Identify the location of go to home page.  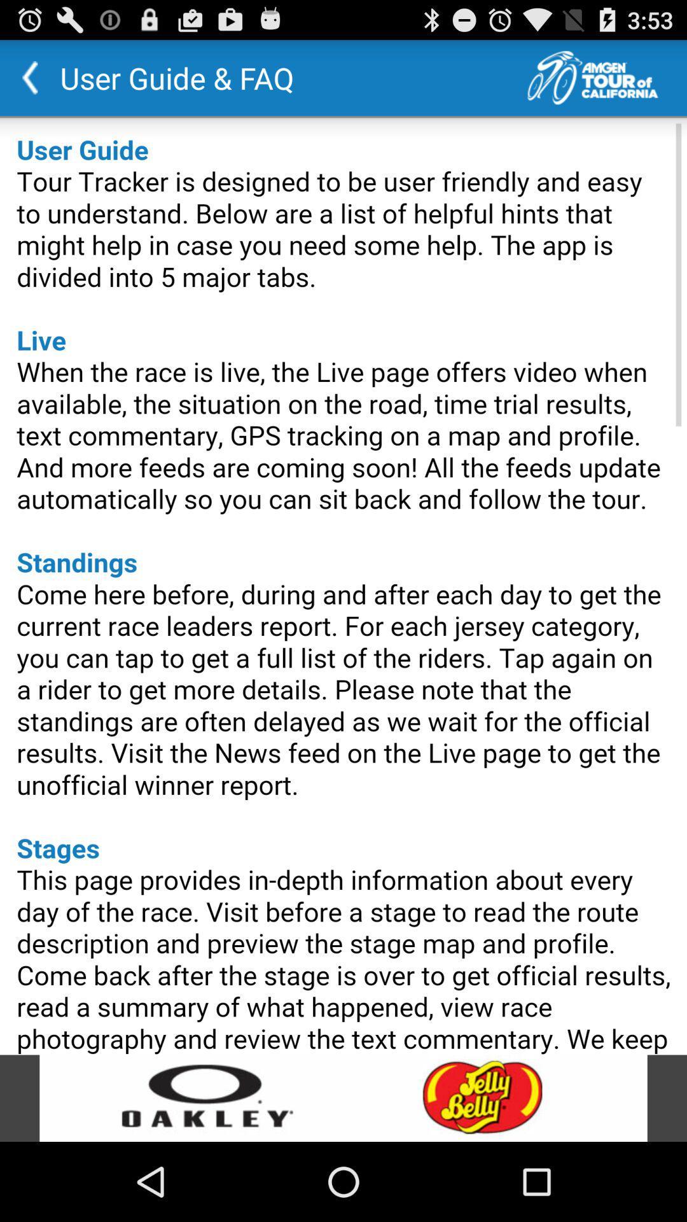
(606, 77).